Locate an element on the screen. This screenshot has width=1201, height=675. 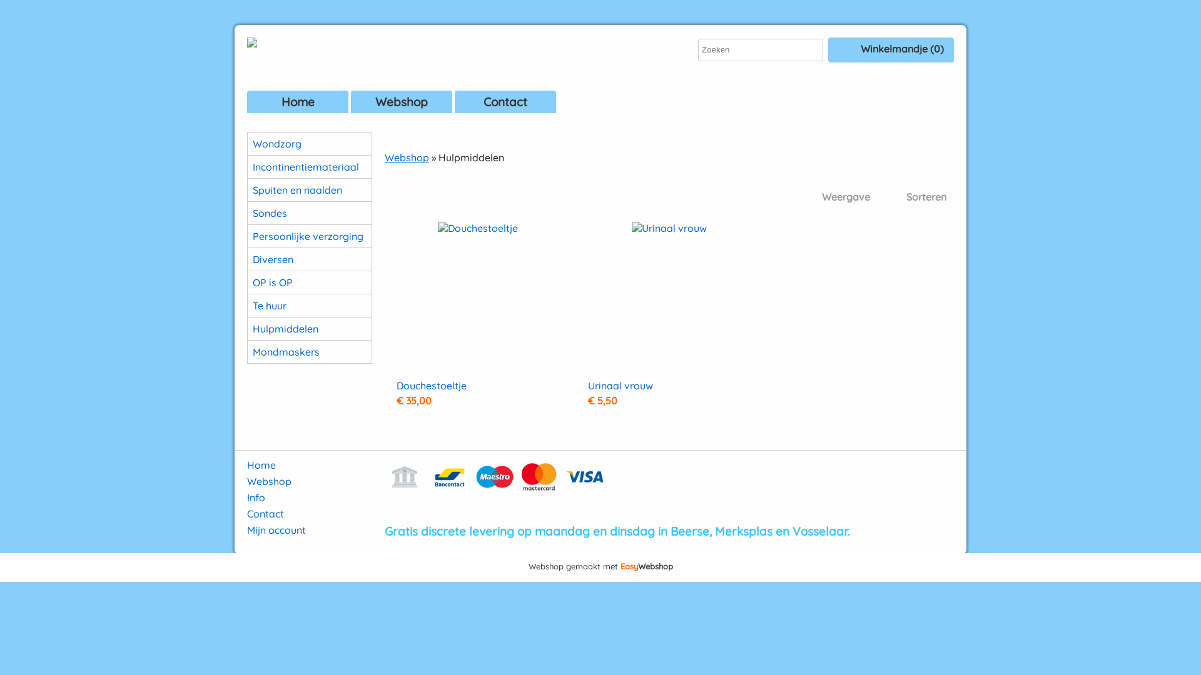
'Sondes' is located at coordinates (247, 212).